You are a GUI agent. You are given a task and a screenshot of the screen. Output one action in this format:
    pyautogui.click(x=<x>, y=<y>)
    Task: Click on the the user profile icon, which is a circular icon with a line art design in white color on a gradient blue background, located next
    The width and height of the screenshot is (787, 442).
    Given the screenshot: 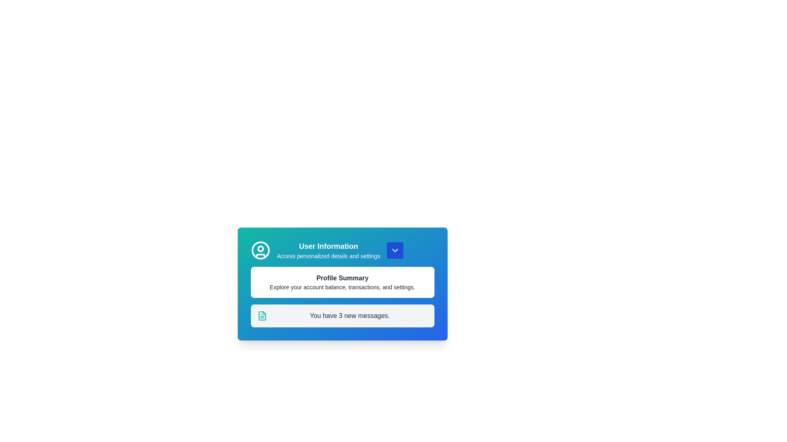 What is the action you would take?
    pyautogui.click(x=260, y=250)
    